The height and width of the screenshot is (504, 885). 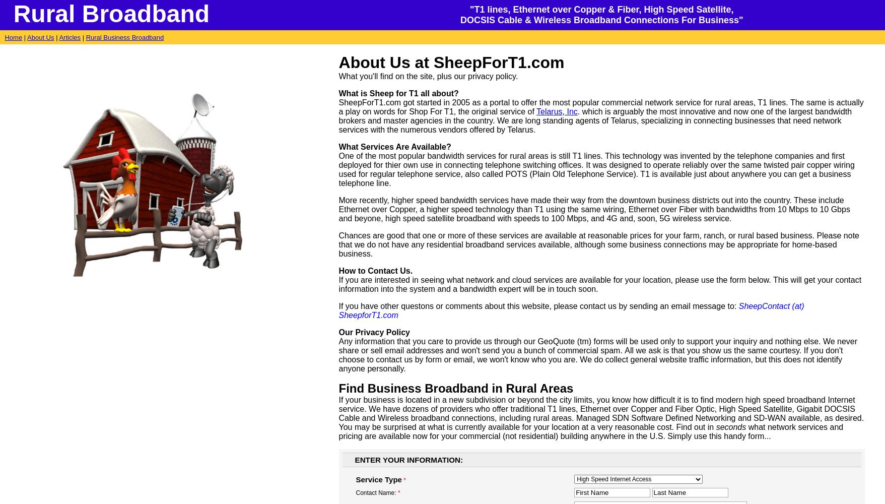 I want to click on 'If you have other questons or comments about this website, please contact us by sending an email message to:', so click(x=537, y=305).